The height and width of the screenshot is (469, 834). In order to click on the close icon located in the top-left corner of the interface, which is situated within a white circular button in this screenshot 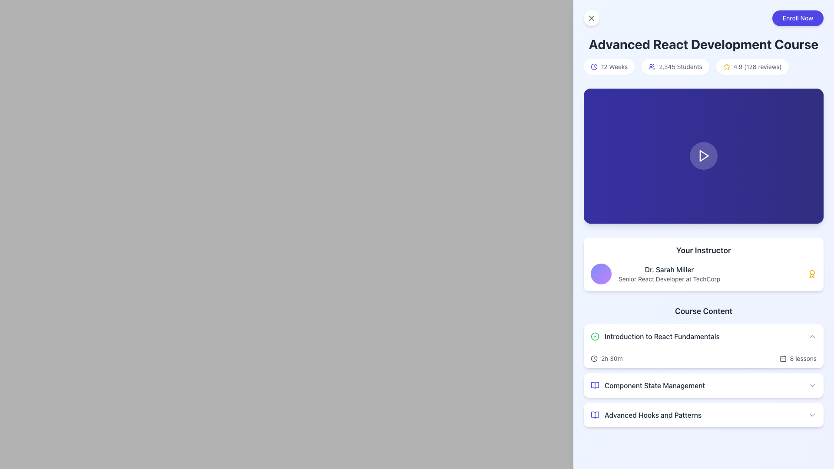, I will do `click(591, 18)`.